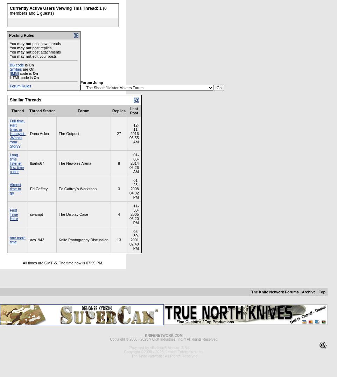 The height and width of the screenshot is (377, 337). What do you see at coordinates (83, 240) in the screenshot?
I see `'Knife Photography Discussion'` at bounding box center [83, 240].